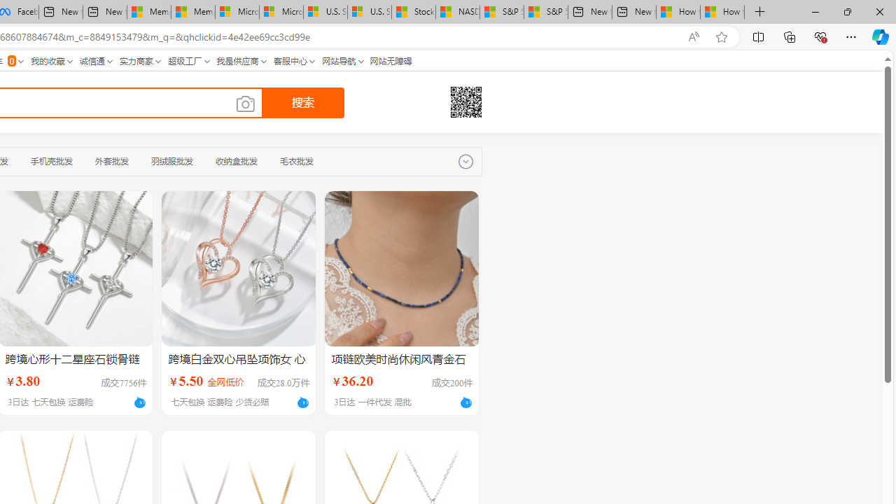  What do you see at coordinates (545, 12) in the screenshot?
I see `'S&P 500, Nasdaq end lower, weighed by Nvidia dip | Watch'` at bounding box center [545, 12].